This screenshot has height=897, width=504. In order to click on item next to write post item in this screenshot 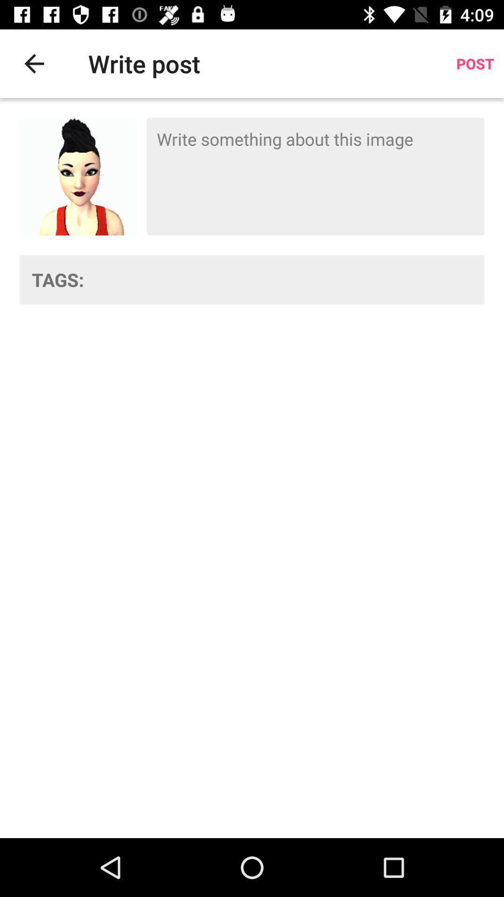, I will do `click(34, 63)`.